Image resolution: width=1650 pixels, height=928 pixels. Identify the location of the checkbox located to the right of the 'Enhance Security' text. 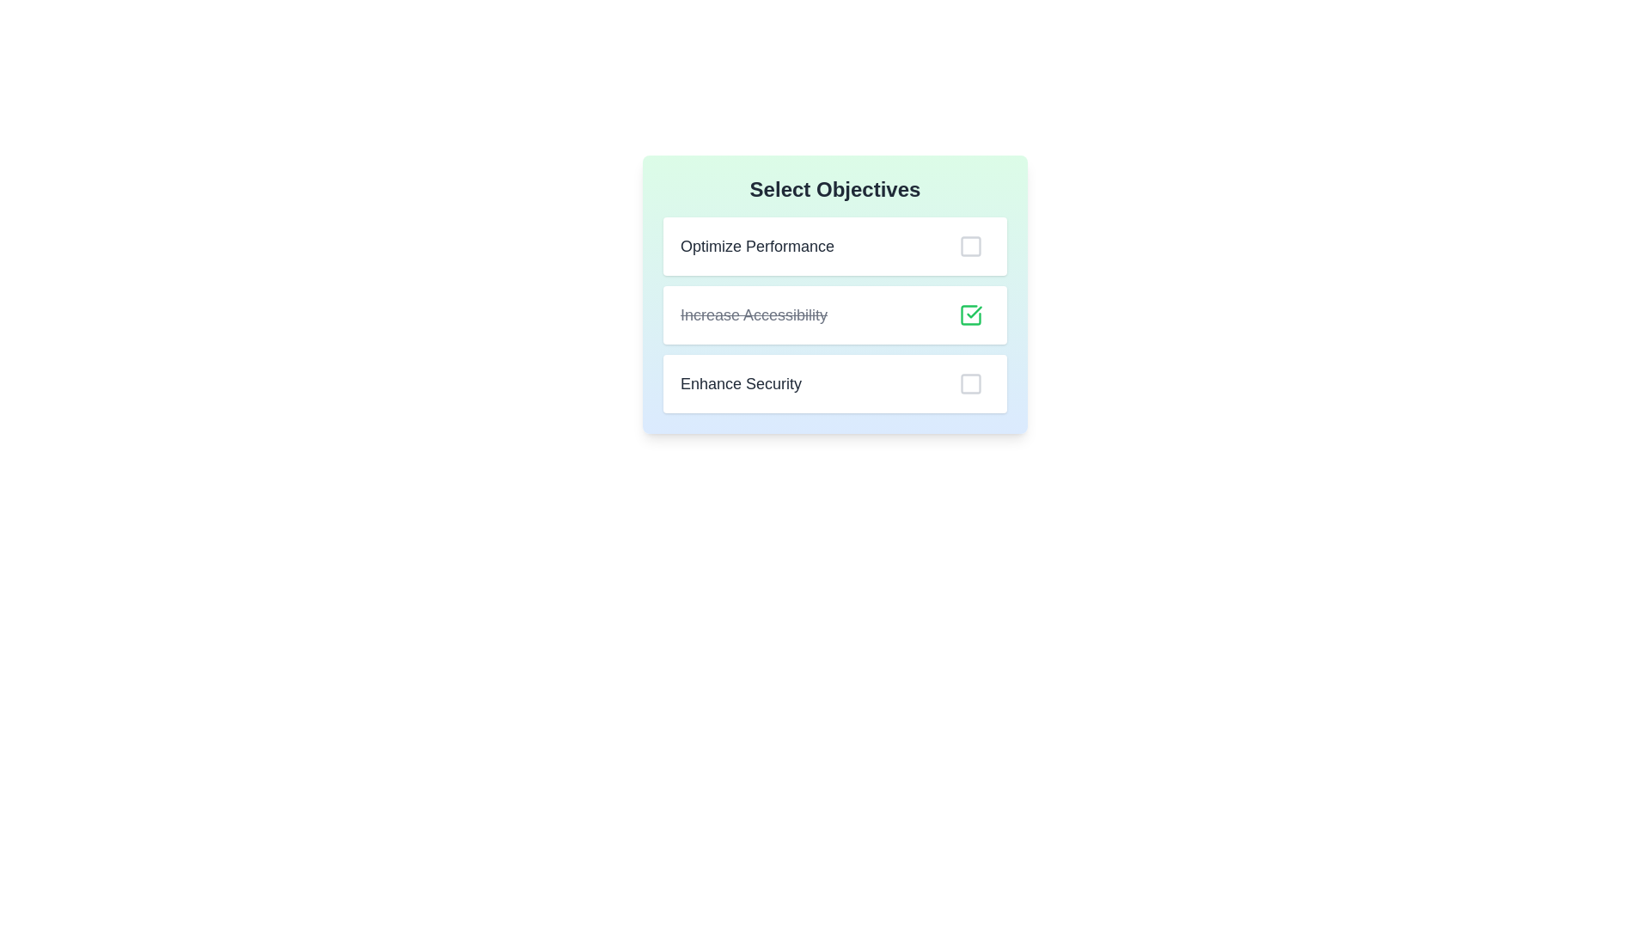
(970, 383).